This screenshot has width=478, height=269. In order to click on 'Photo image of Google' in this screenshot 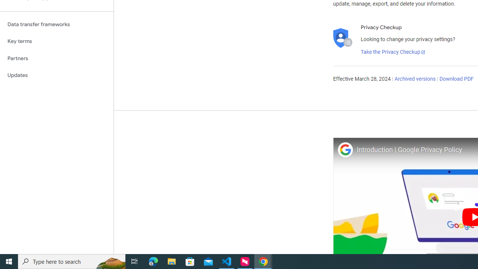, I will do `click(345, 149)`.